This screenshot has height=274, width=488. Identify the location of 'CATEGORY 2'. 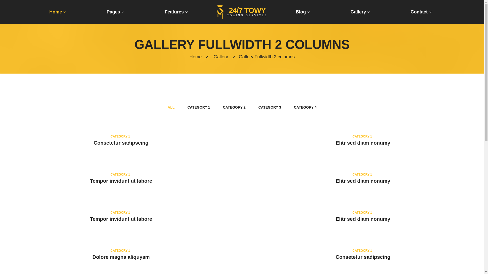
(234, 107).